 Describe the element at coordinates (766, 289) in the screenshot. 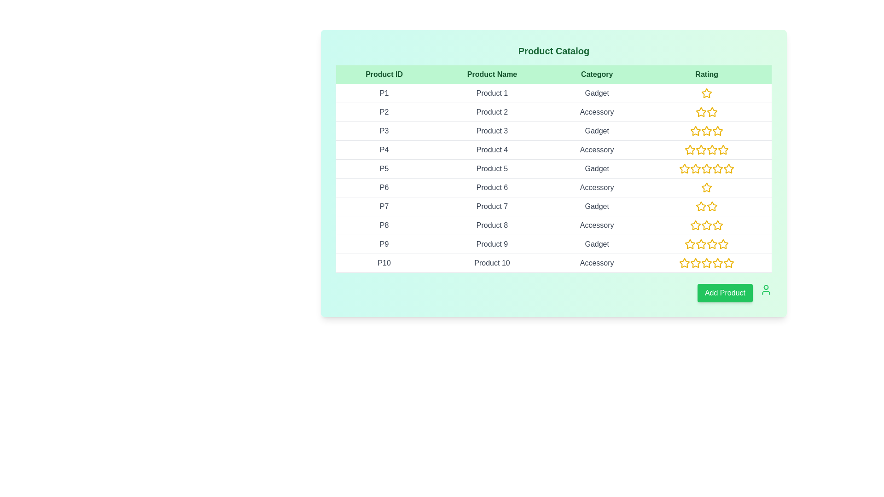

I see `the user icon to open profile-related options` at that location.